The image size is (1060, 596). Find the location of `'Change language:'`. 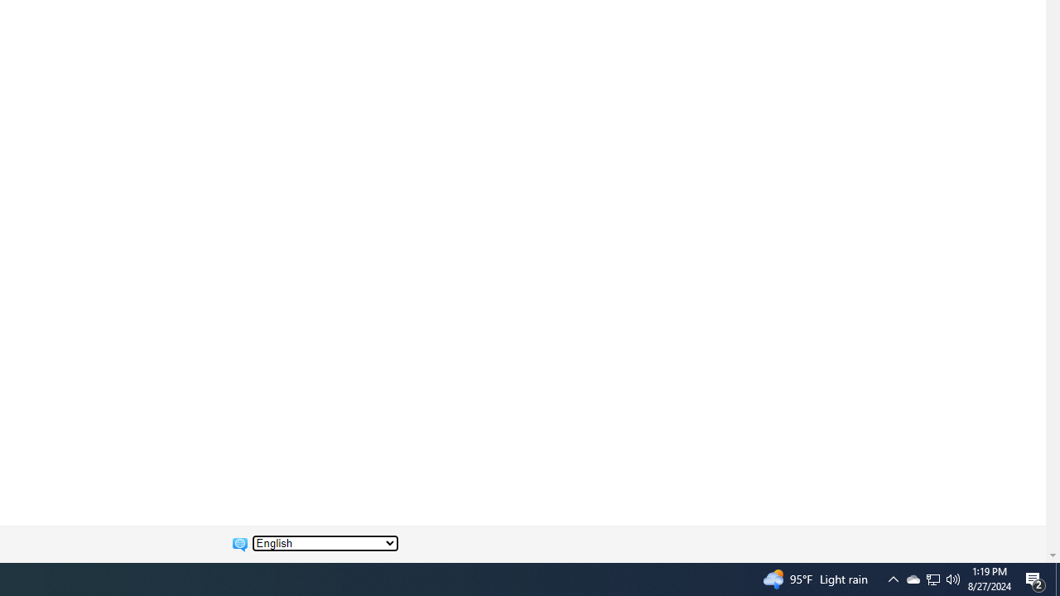

'Change language:' is located at coordinates (325, 543).